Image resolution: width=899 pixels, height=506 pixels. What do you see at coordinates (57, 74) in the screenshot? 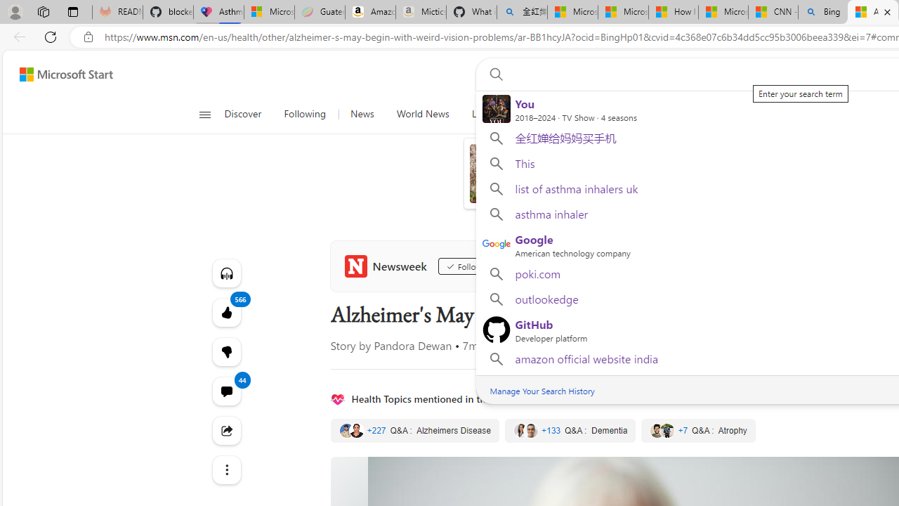
I see `'Skip to footer'` at bounding box center [57, 74].